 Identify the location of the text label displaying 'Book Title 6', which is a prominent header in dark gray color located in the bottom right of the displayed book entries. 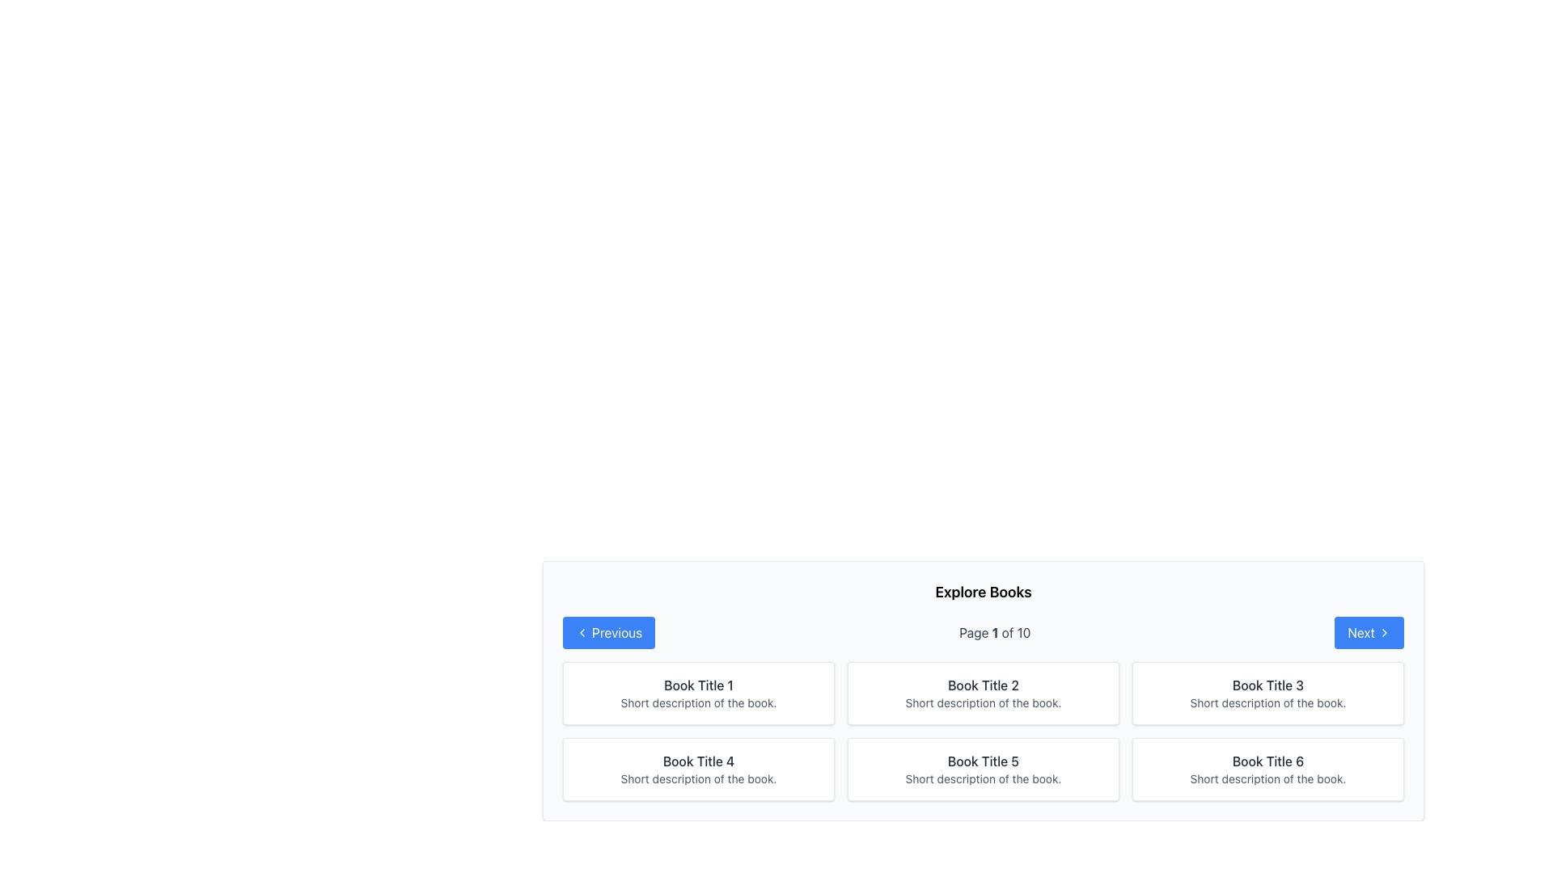
(1267, 761).